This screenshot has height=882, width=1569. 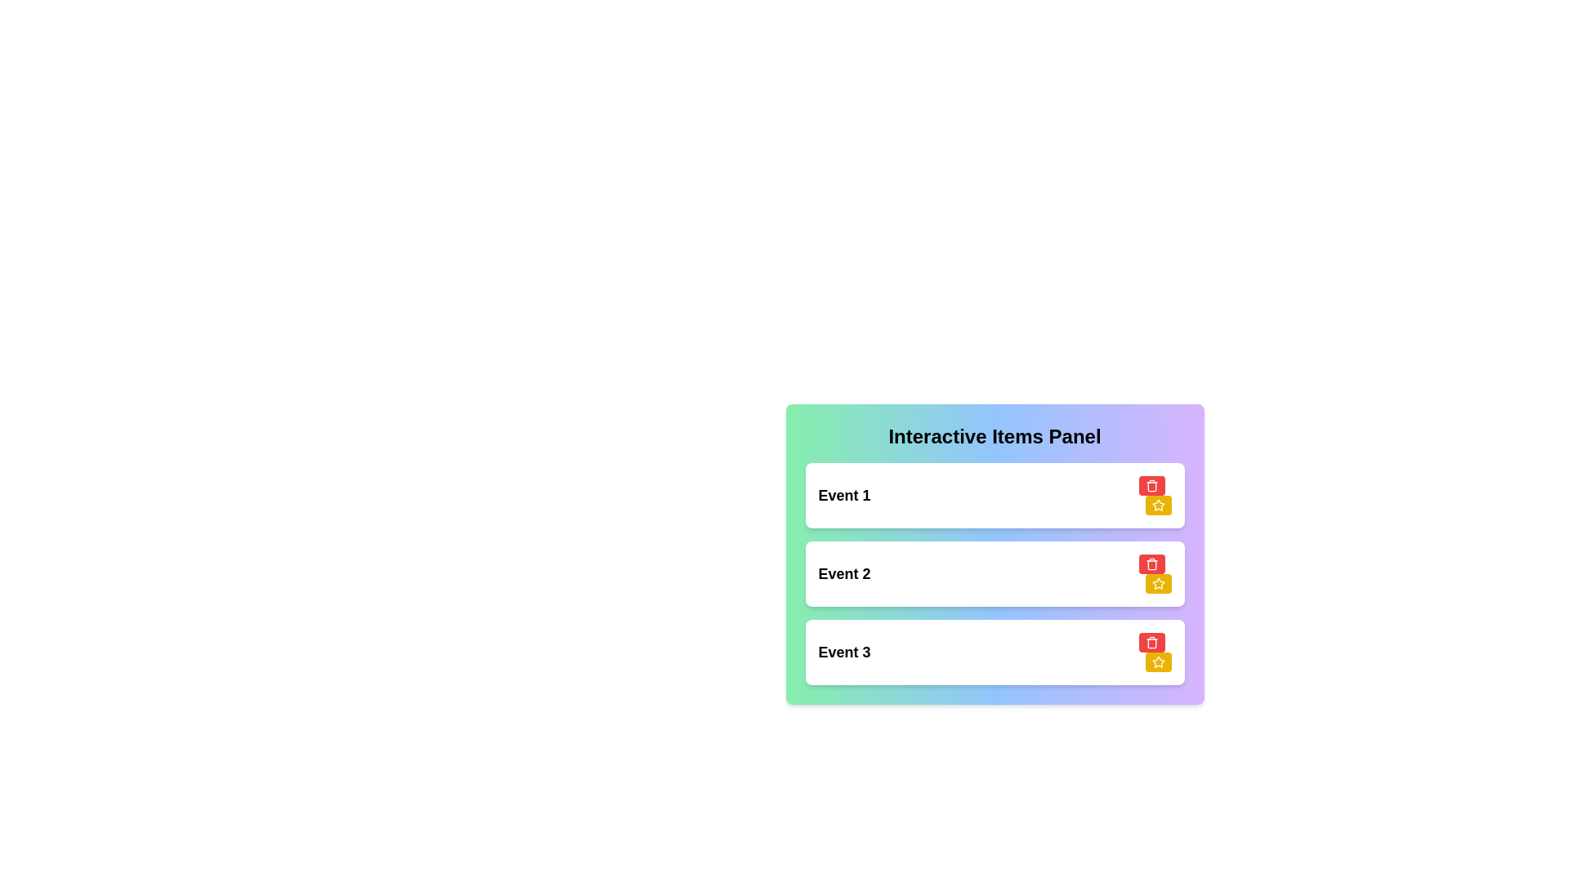 What do you see at coordinates (1157, 661) in the screenshot?
I see `the five-pointed star icon with a hollow outline and yellow fill` at bounding box center [1157, 661].